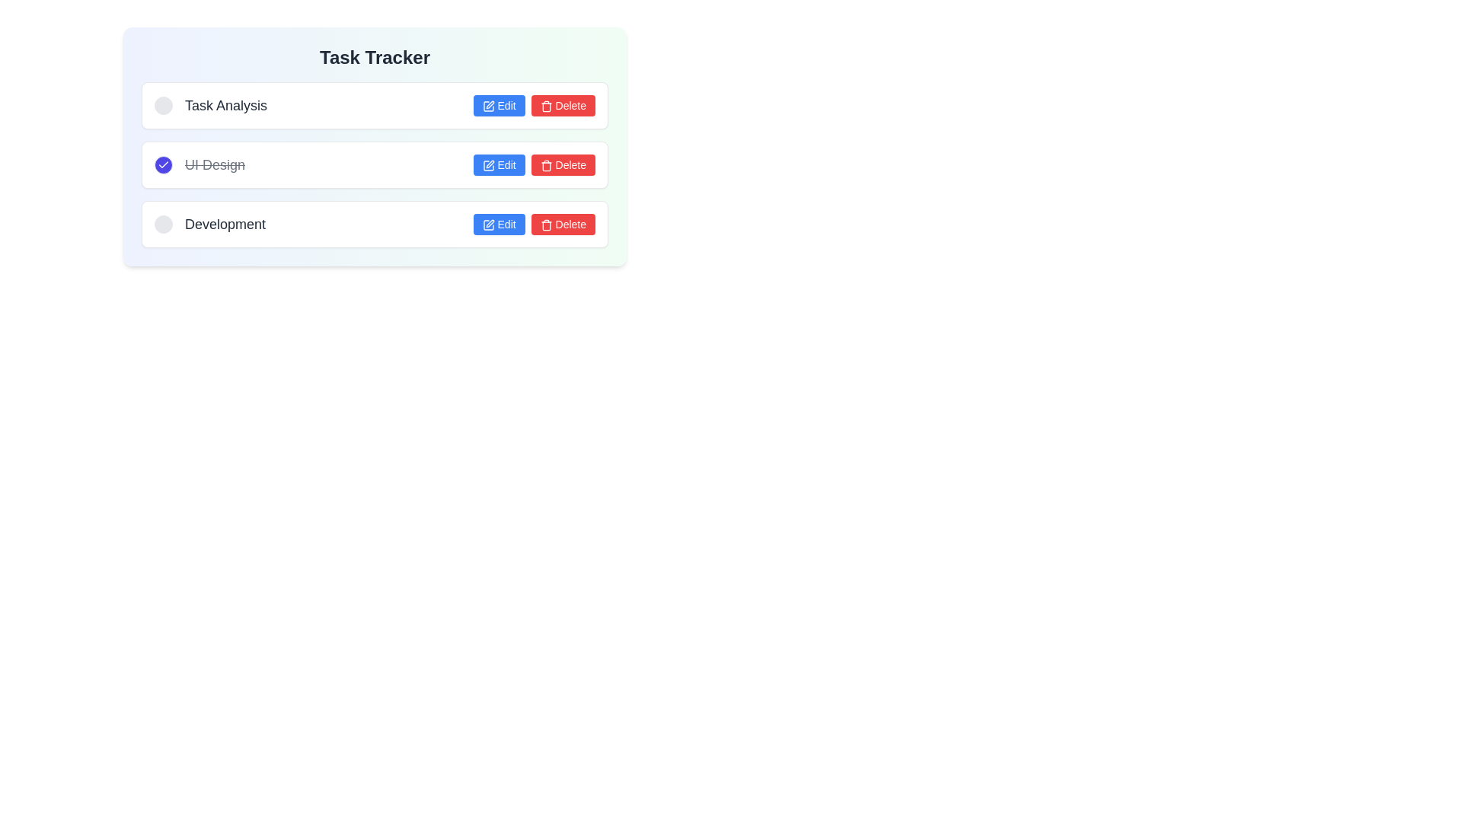  I want to click on the blue circular checkbox with a white checkmark icon located to the left of the 'UI Design' text in the second task row, so click(164, 164).